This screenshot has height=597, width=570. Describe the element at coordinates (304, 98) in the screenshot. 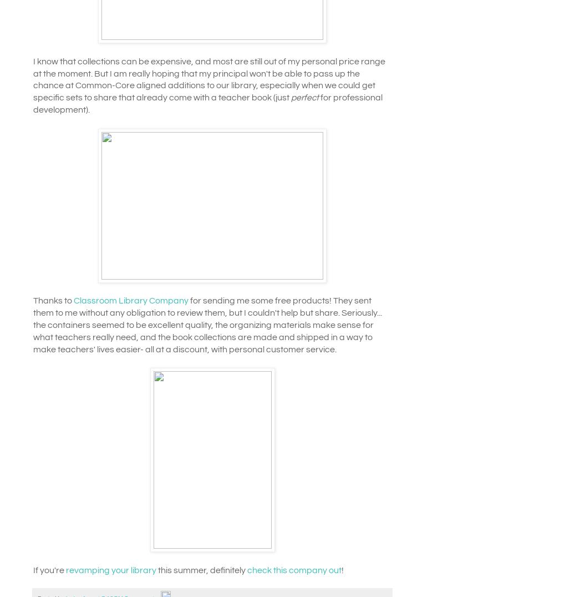

I see `'perfect'` at that location.